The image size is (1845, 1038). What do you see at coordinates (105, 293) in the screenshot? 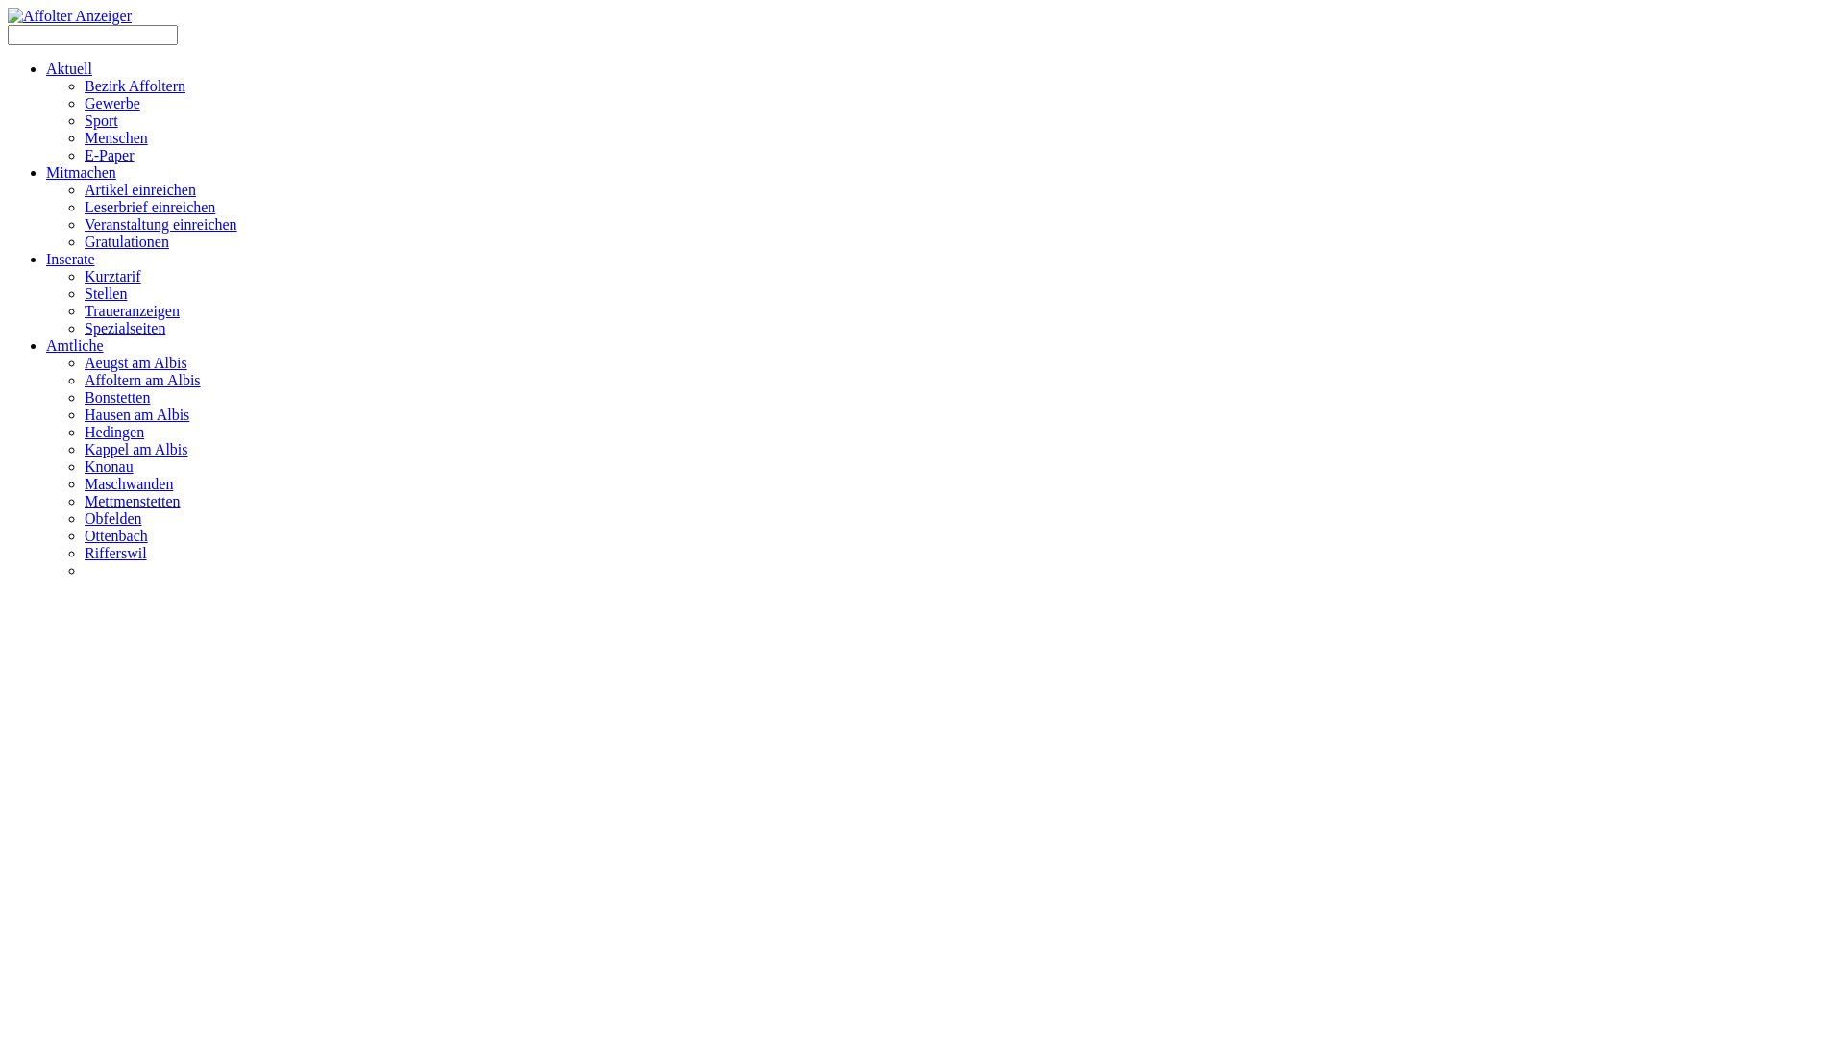
I see `'Stellen'` at bounding box center [105, 293].